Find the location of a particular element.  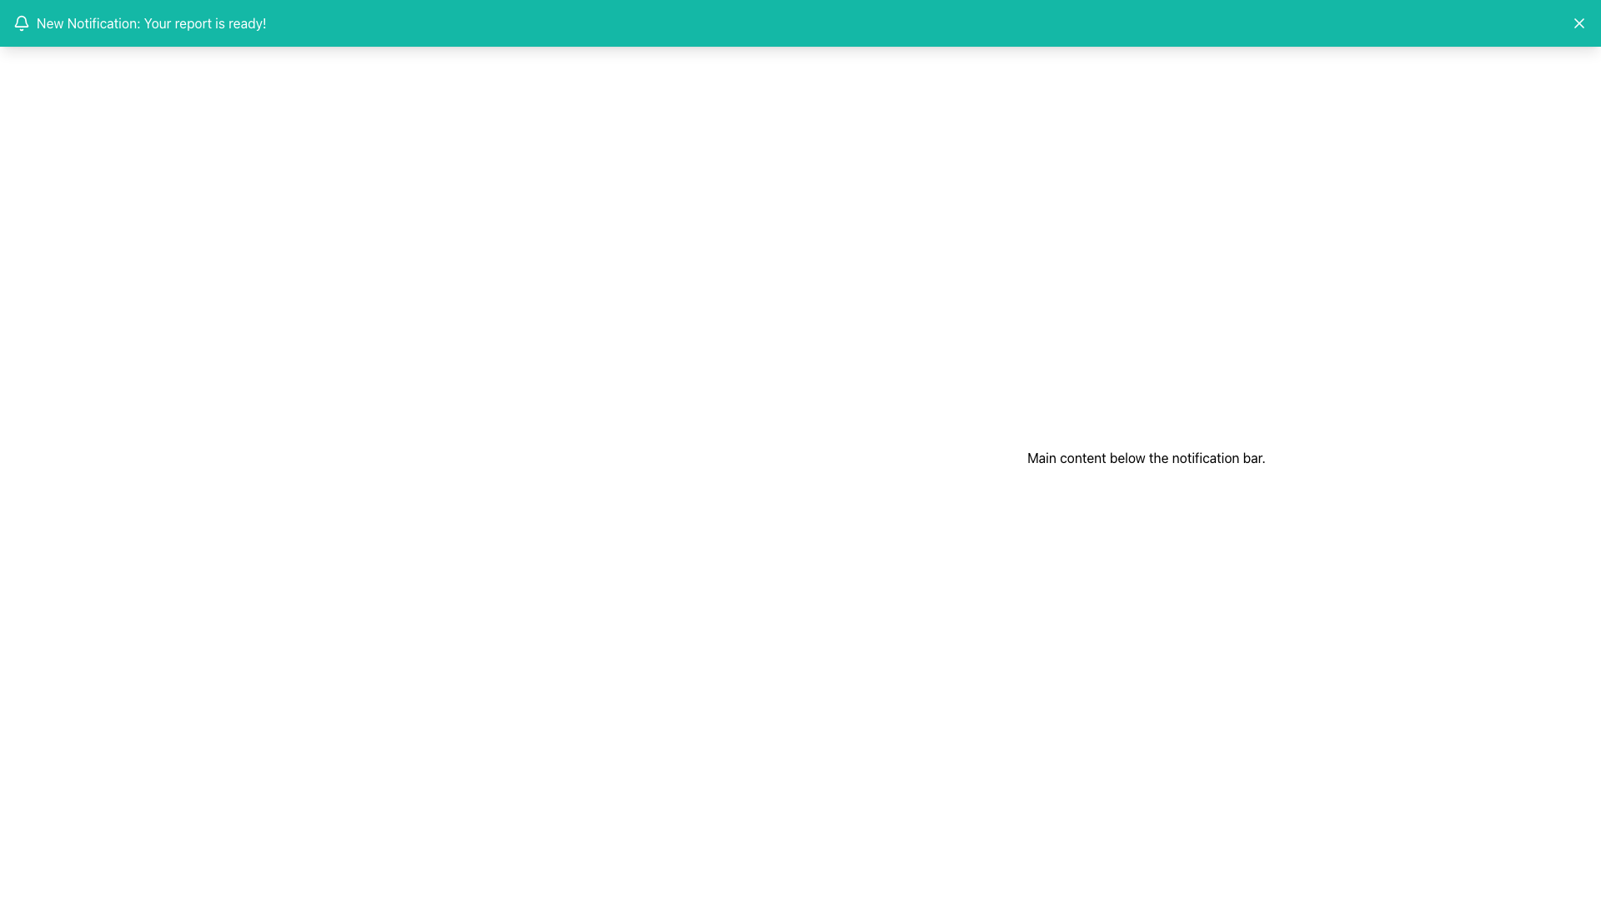

the central bell-shaped icon in the top bar of the interface, which is rendered in a vector graphic style with smooth curves and styled outlines is located at coordinates (21, 21).